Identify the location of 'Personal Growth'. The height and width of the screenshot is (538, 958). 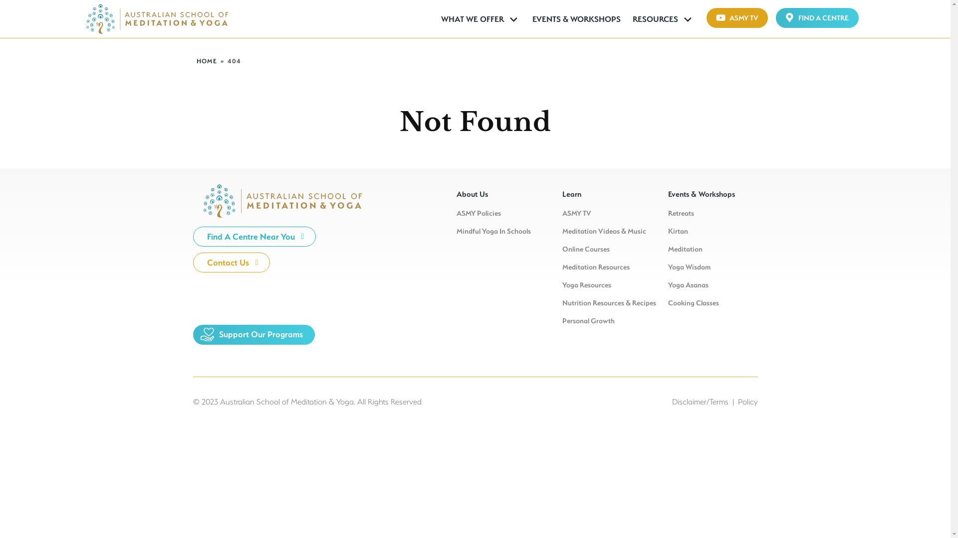
(588, 321).